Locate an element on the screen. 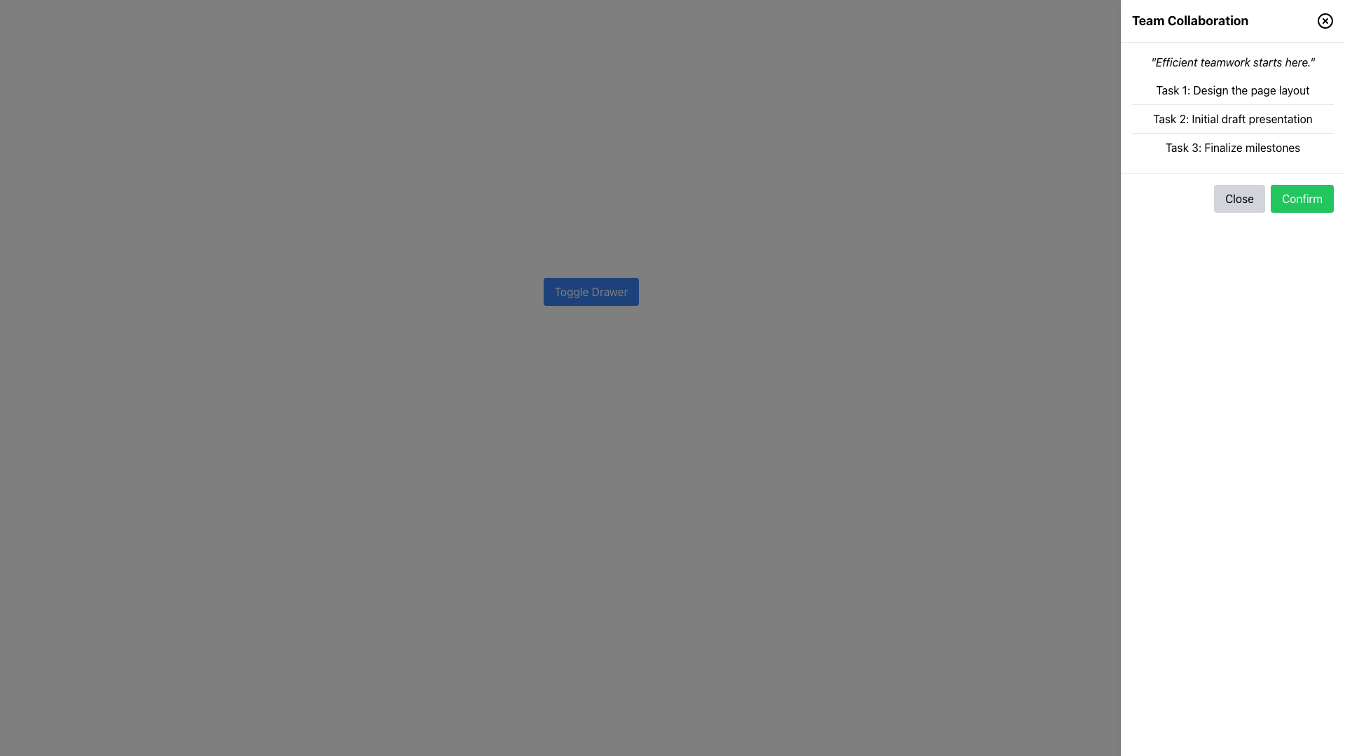  the circular close button located in the top-right corner of the 'Team Collaboration' panel is located at coordinates (1324, 21).